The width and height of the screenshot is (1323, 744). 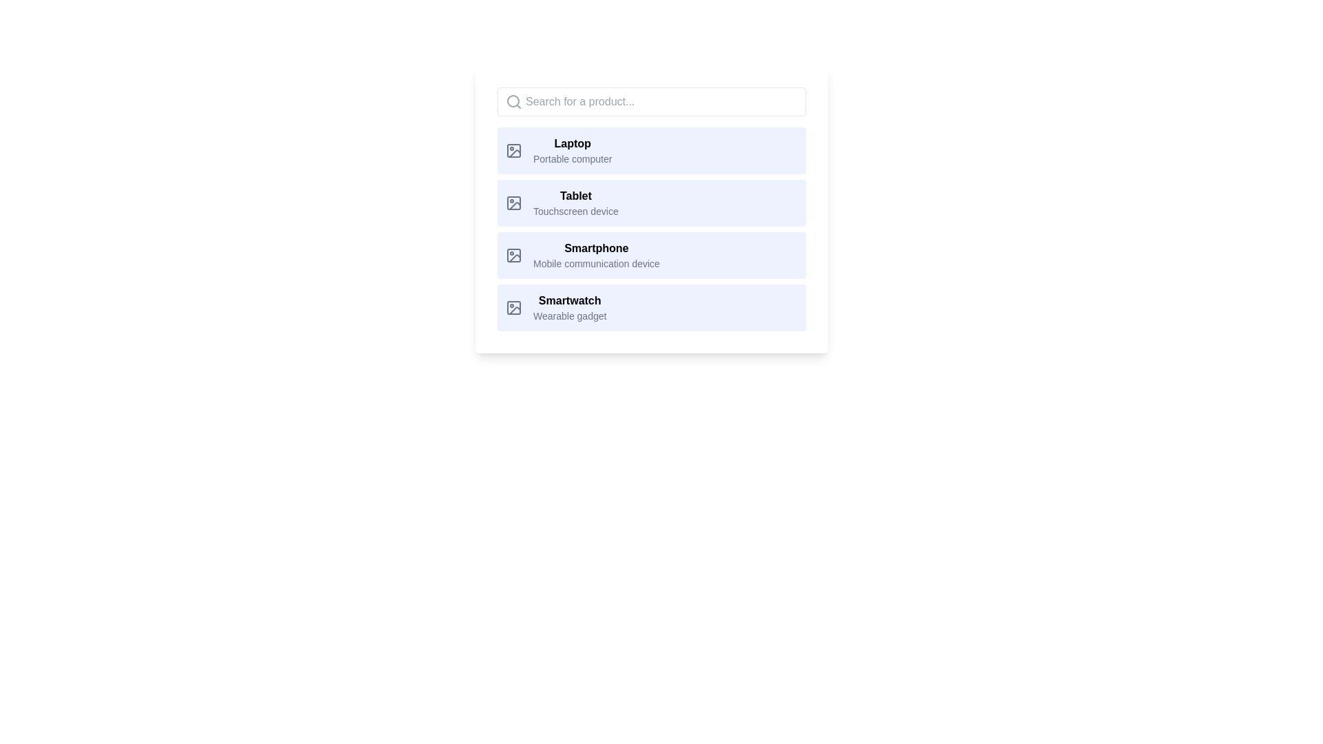 I want to click on the magnifying glass icon, which is gray and located to the left of the text input box with the placeholder 'Search for a product...', so click(x=513, y=101).